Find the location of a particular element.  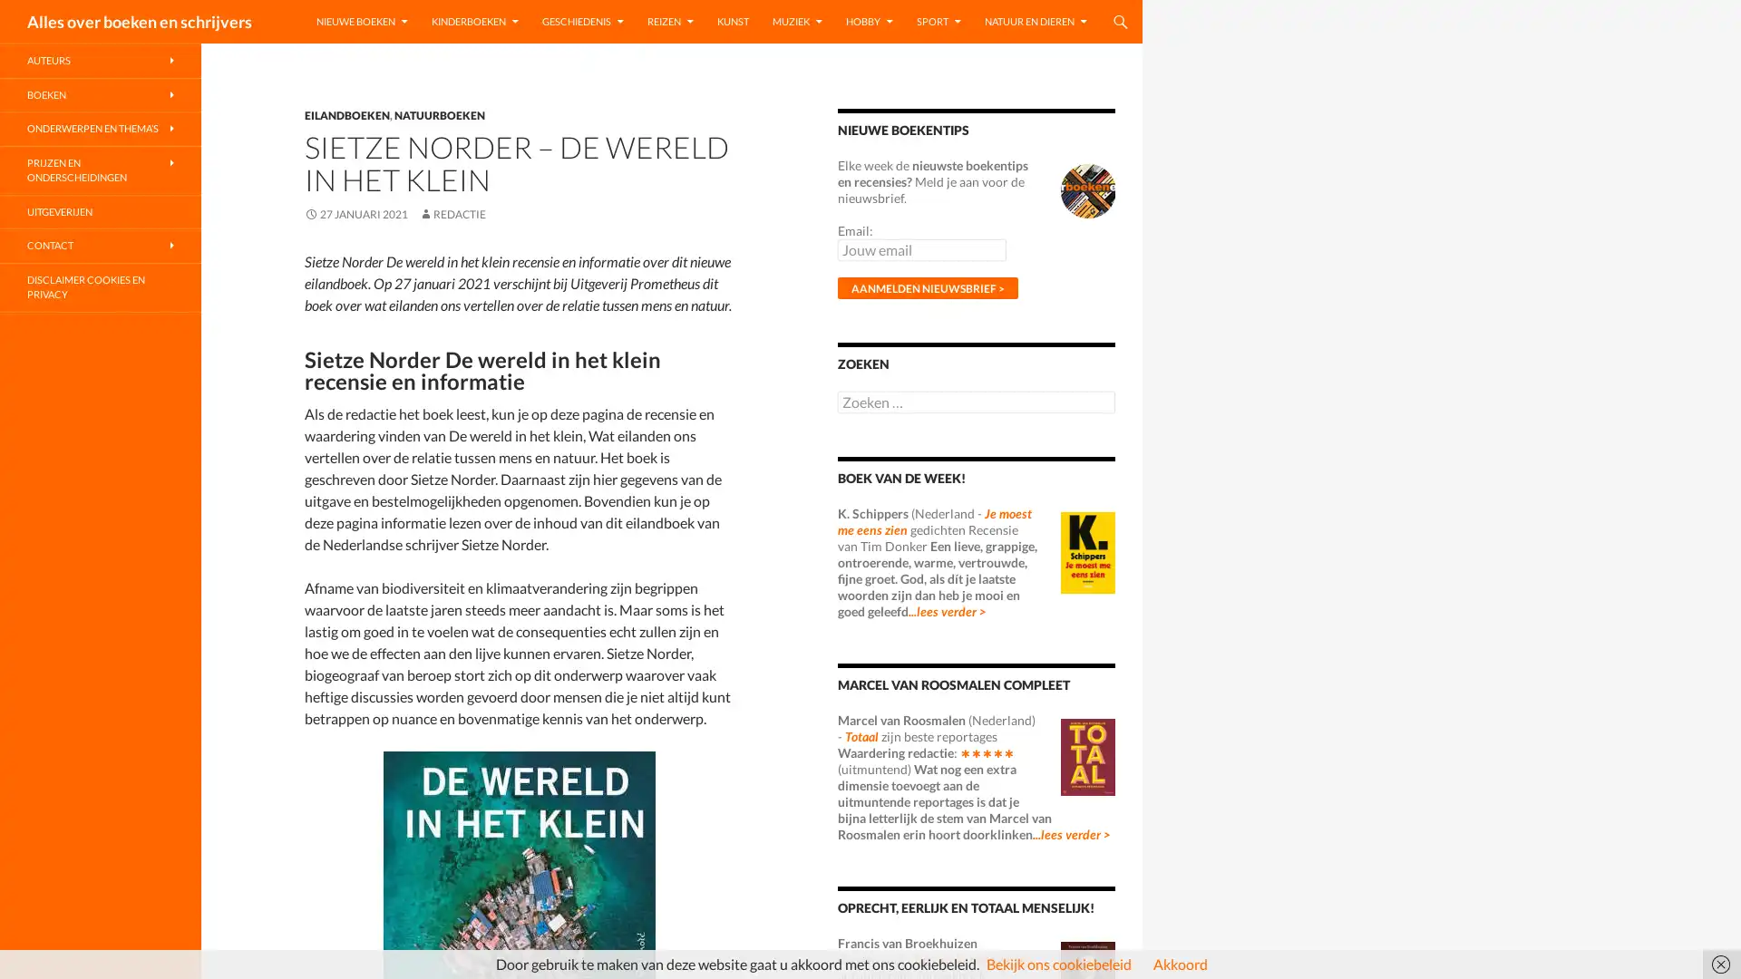

Aanmelden nieuwsbrief > is located at coordinates (928, 286).